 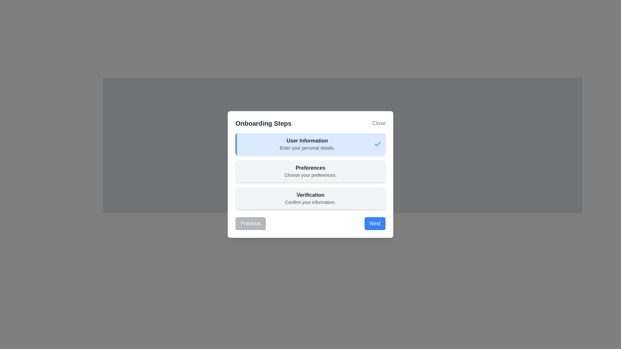 I want to click on the second card in the vertical stack of three cards, which is used for reviewing or modifying preferences in the application, so click(x=310, y=171).